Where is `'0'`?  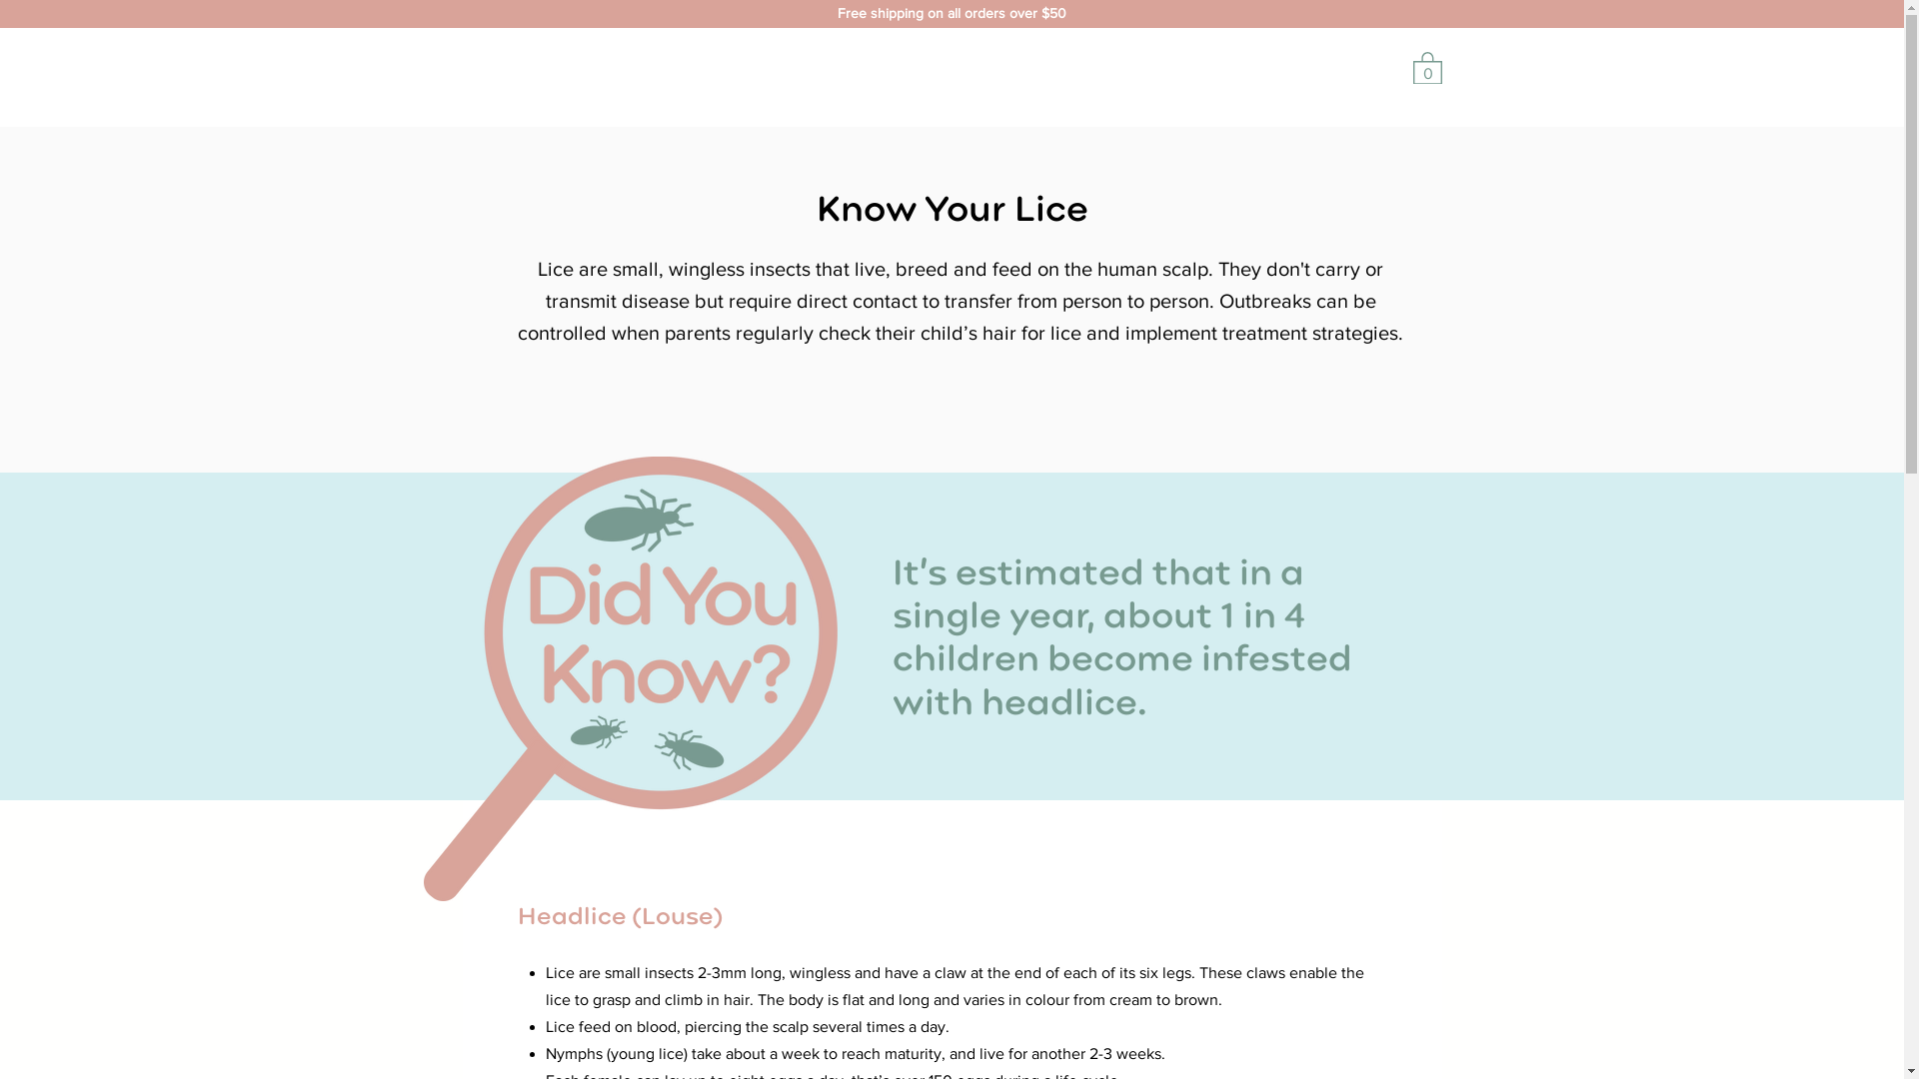 '0' is located at coordinates (1426, 66).